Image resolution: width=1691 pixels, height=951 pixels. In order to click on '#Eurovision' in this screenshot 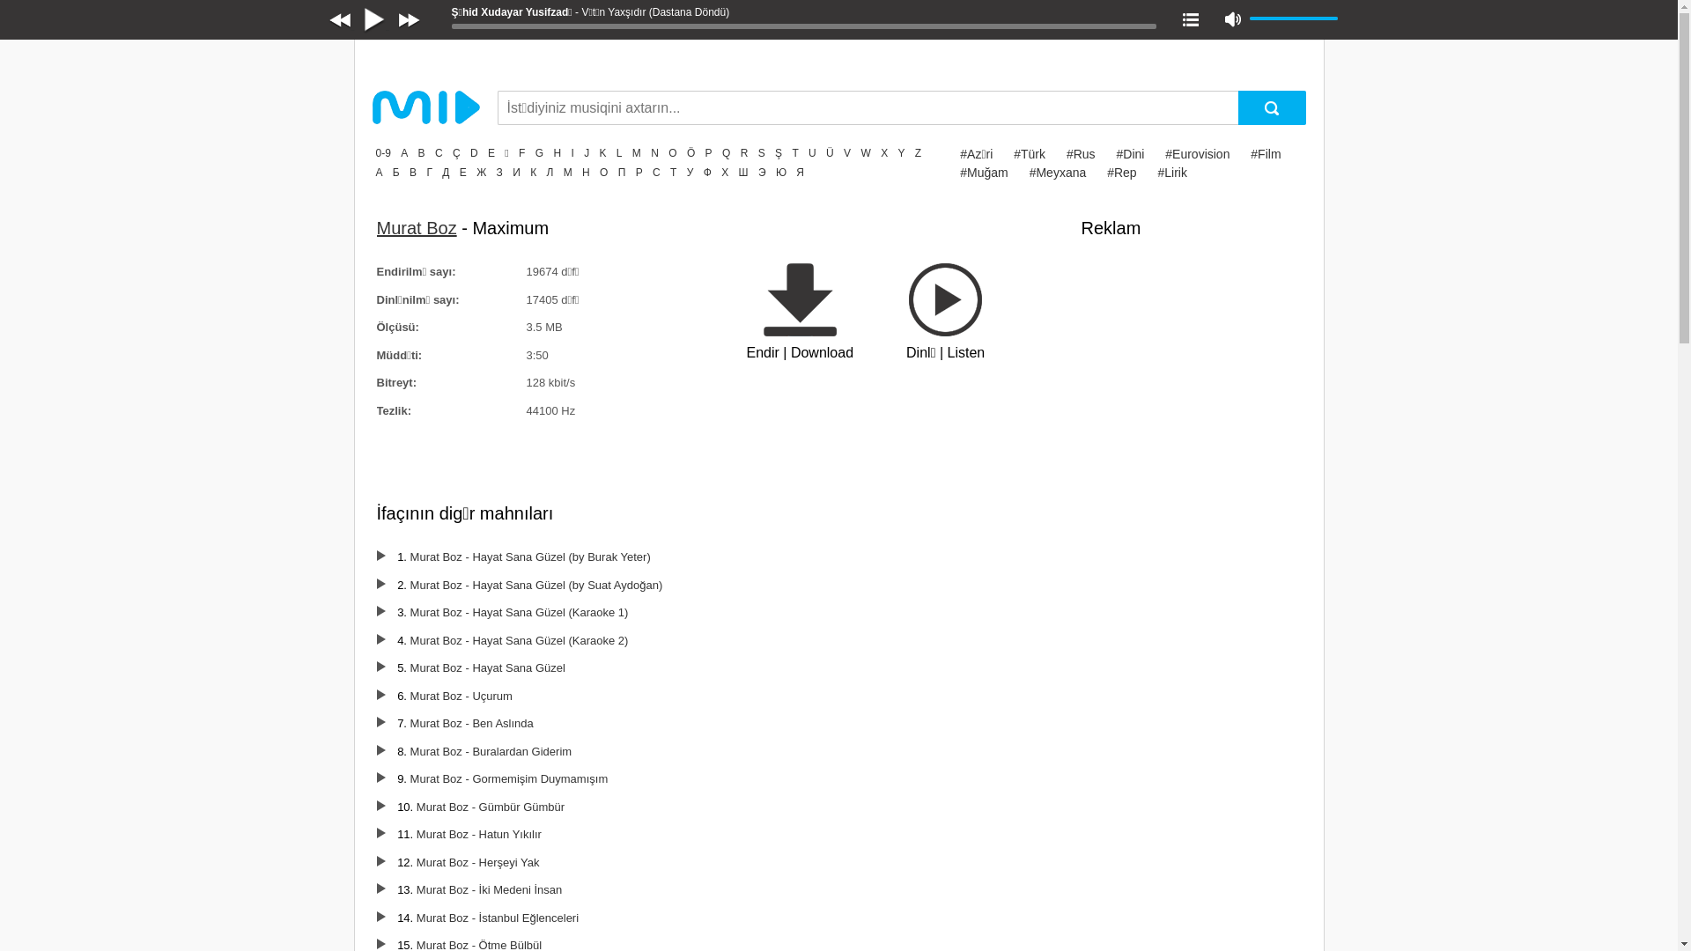, I will do `click(1197, 152)`.